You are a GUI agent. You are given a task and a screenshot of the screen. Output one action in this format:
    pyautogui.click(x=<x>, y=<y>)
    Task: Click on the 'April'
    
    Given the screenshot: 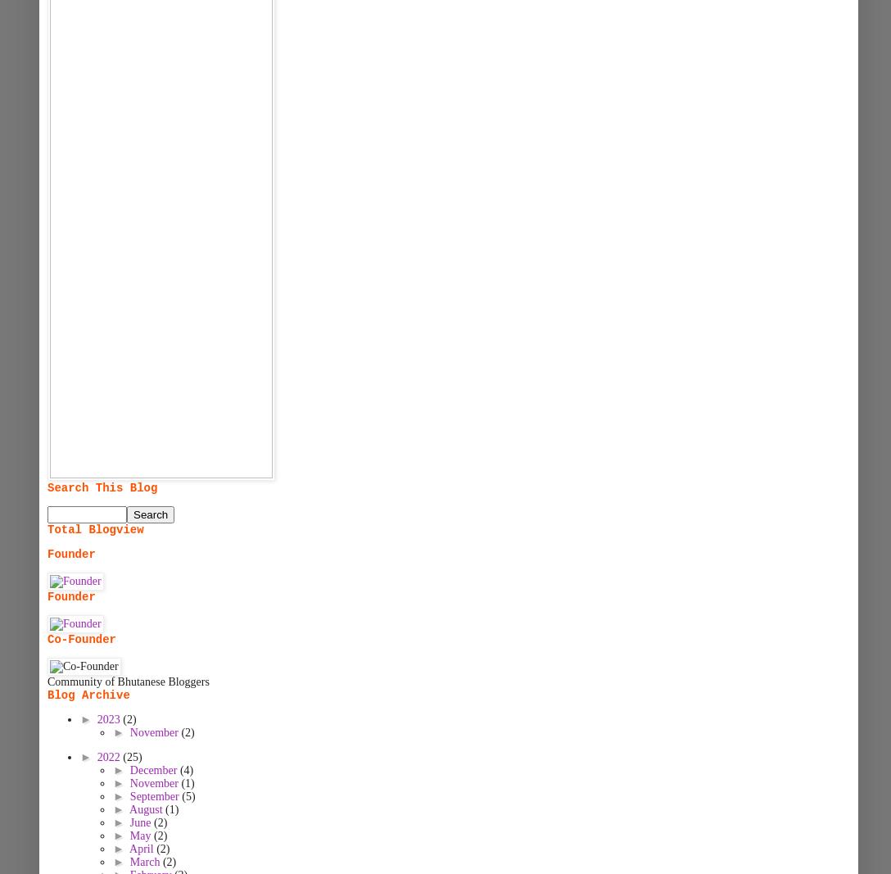 What is the action you would take?
    pyautogui.click(x=142, y=849)
    